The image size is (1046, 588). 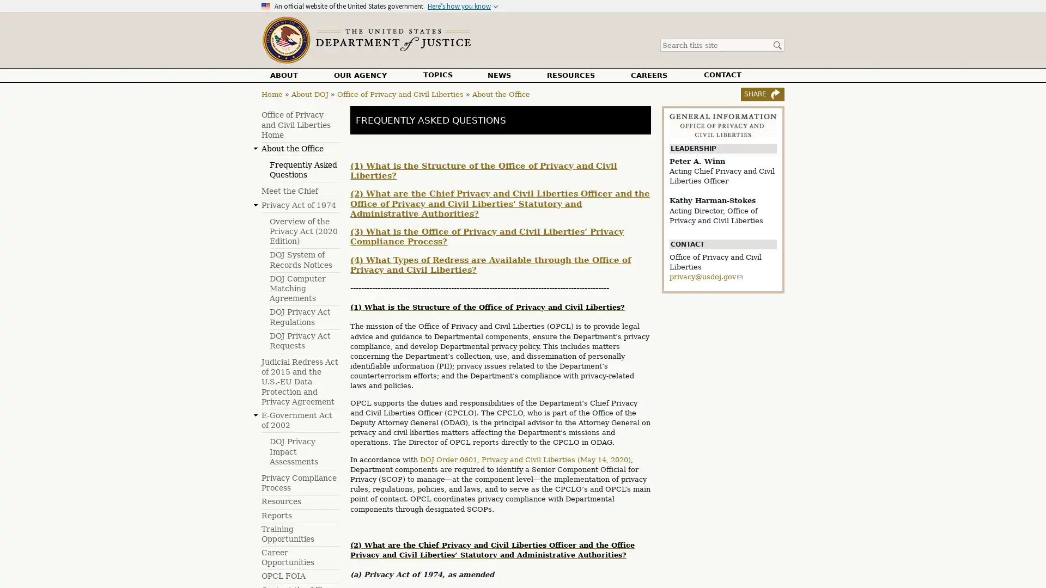 I want to click on Heres how you know, so click(x=463, y=6).